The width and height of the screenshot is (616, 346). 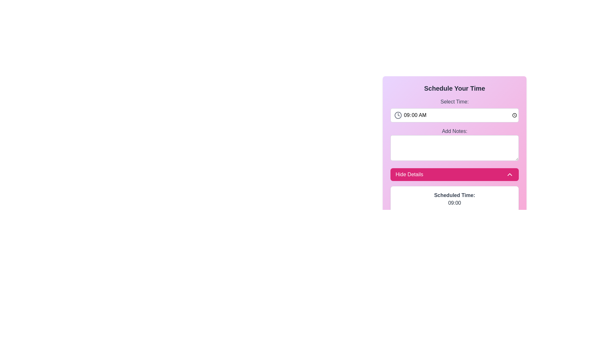 What do you see at coordinates (509, 174) in the screenshot?
I see `the Icon button located on the right side of the 'Hide Details' button` at bounding box center [509, 174].